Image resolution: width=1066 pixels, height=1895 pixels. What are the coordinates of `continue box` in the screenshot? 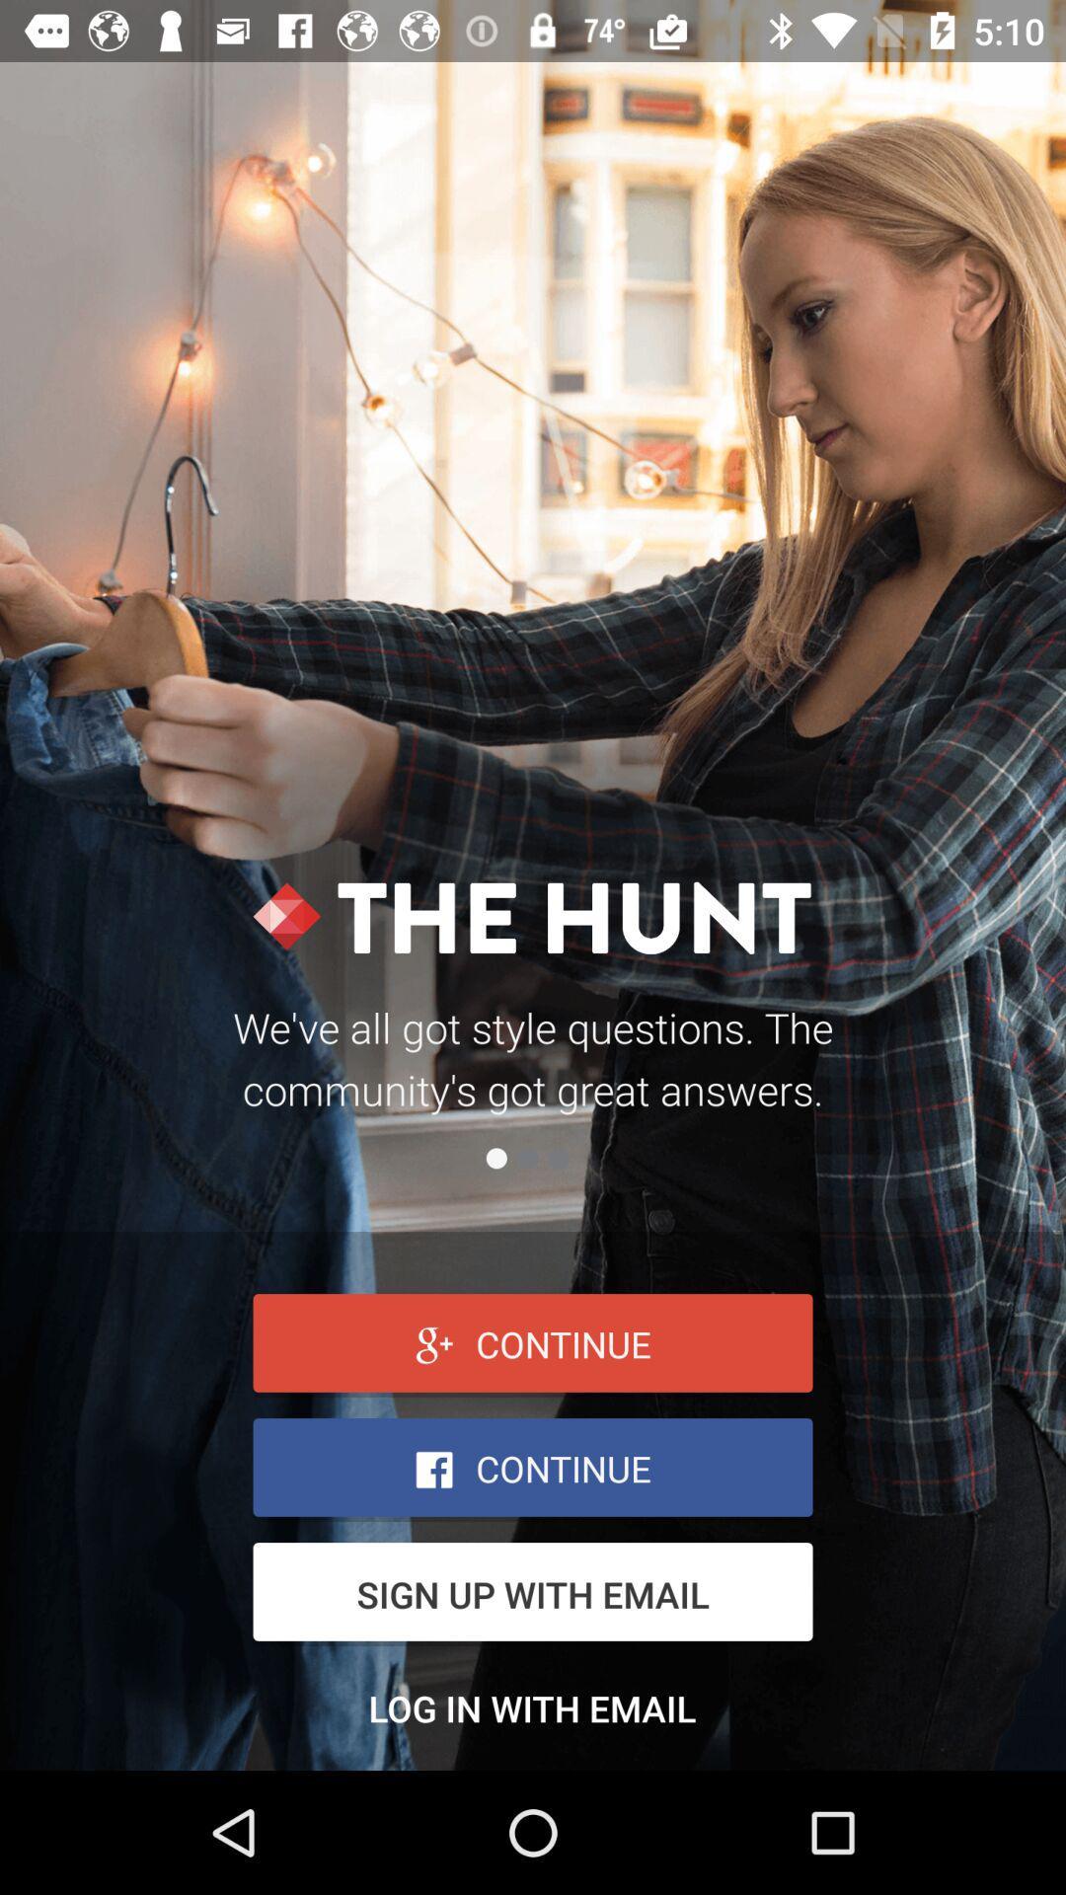 It's located at (533, 1344).